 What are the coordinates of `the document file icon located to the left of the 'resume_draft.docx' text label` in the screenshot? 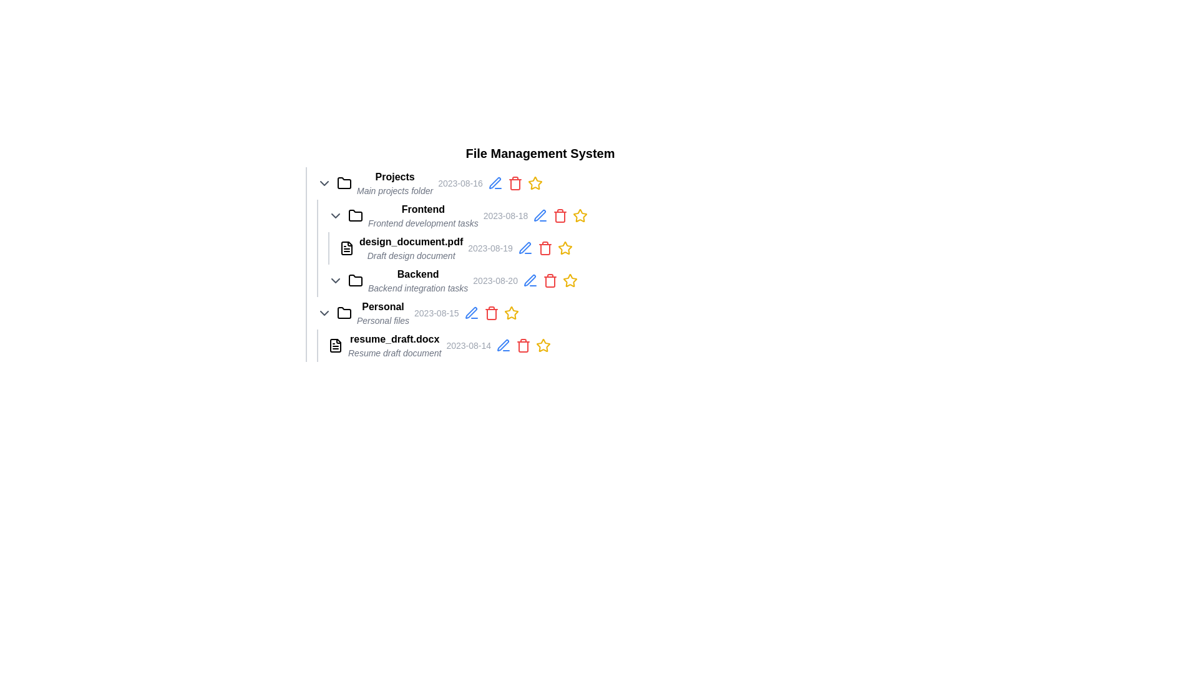 It's located at (335, 346).